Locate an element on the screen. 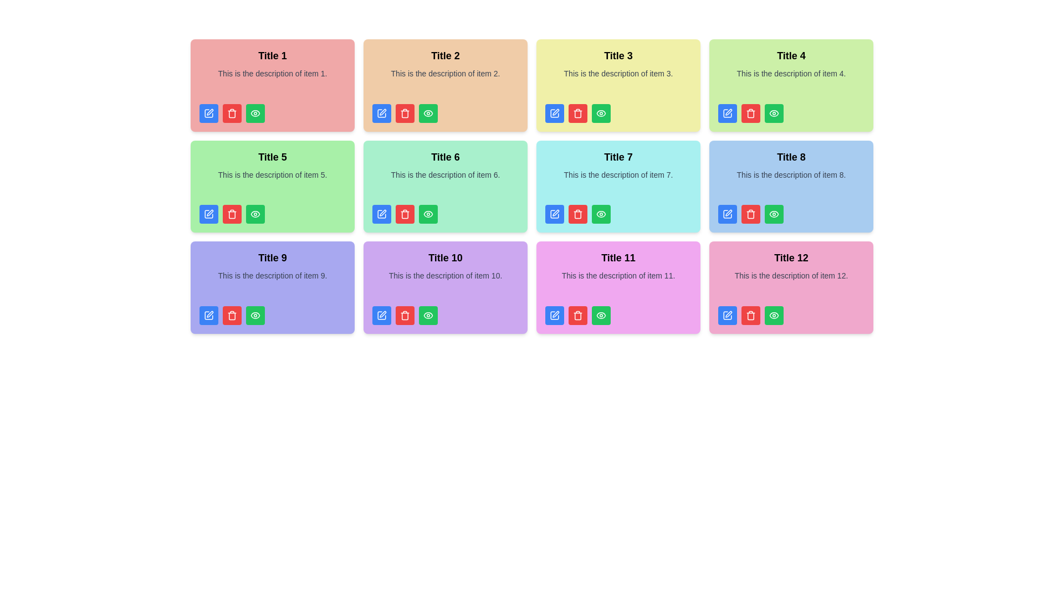  the eye-shaped icon located at the bottom right of the card labeled 'Title 3' is located at coordinates (600, 113).